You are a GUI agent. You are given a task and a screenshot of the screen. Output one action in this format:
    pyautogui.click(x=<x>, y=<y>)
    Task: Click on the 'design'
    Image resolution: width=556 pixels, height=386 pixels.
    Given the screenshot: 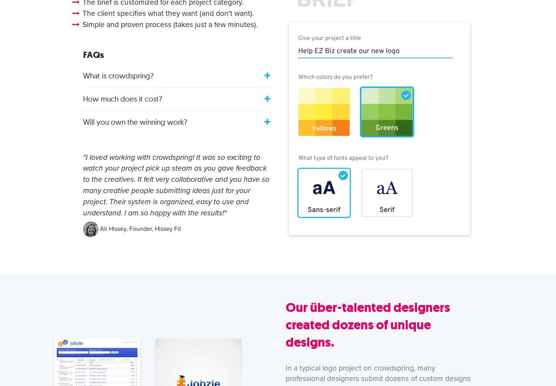 What is the action you would take?
    pyautogui.click(x=456, y=378)
    